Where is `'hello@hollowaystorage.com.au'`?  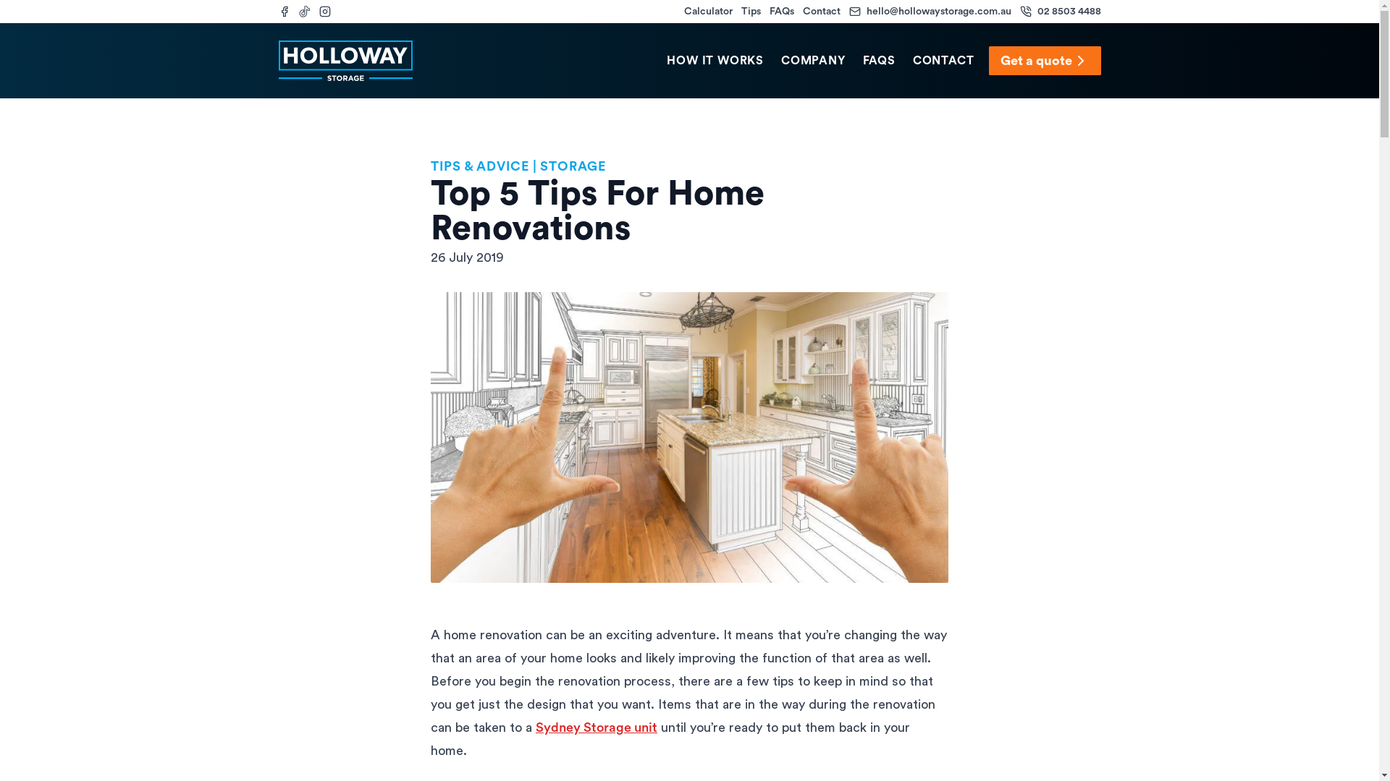
'hello@hollowaystorage.com.au' is located at coordinates (929, 11).